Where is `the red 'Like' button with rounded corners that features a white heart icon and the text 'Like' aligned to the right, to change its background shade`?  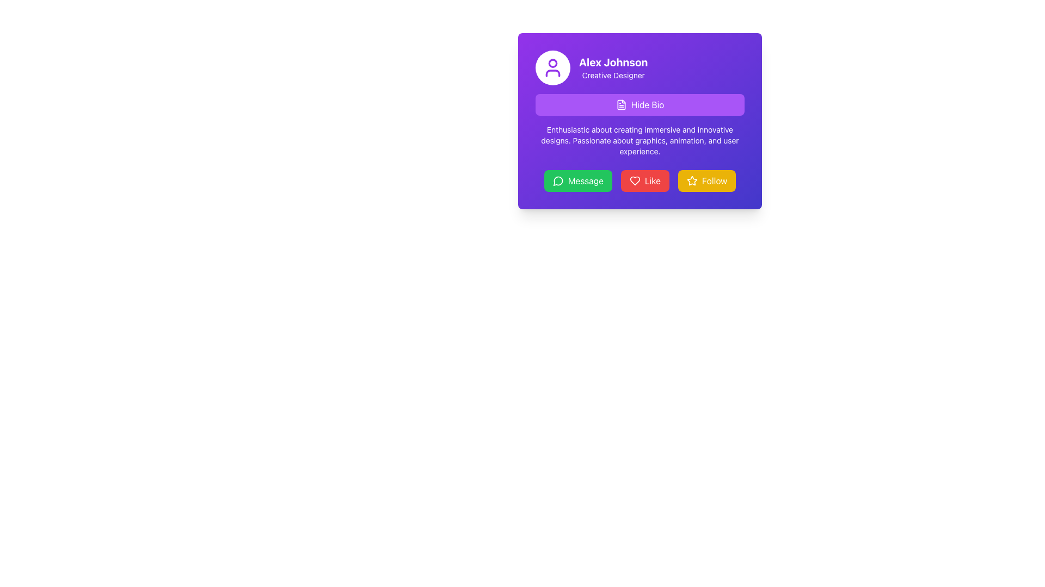
the red 'Like' button with rounded corners that features a white heart icon and the text 'Like' aligned to the right, to change its background shade is located at coordinates (645, 180).